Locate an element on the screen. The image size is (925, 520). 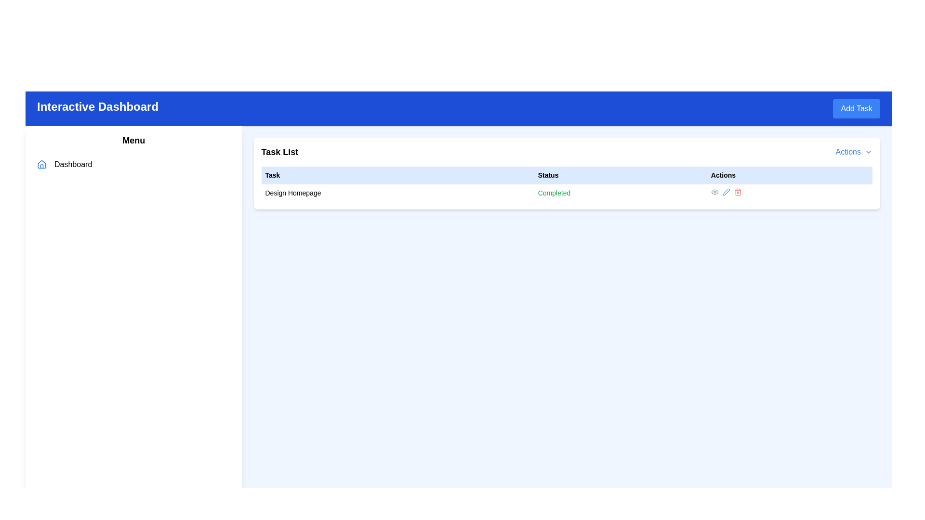
on the first row of the task list, which contains the task 'Design Homepage' and the status 'Completed' is located at coordinates (567, 193).